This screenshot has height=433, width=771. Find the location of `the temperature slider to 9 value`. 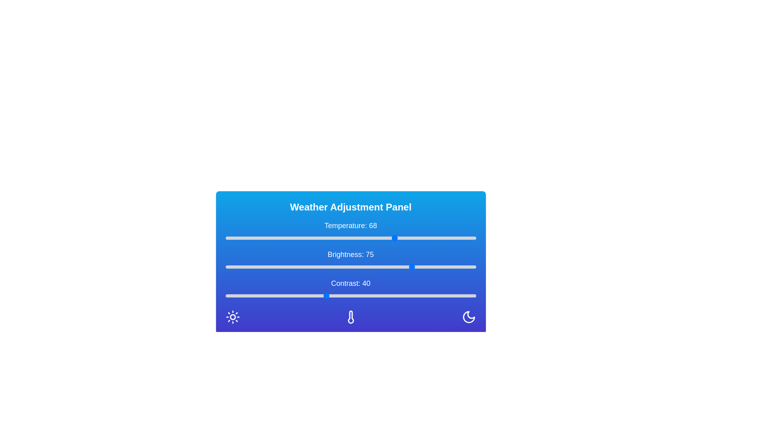

the temperature slider to 9 value is located at coordinates (247, 238).